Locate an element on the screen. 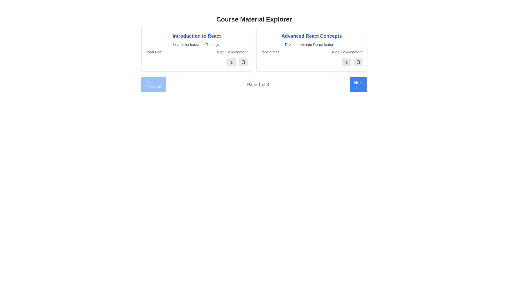  text content of the label displaying 'Page 1 of 3', which is centrally located between the 'Previous' and 'Next' buttons is located at coordinates (258, 85).